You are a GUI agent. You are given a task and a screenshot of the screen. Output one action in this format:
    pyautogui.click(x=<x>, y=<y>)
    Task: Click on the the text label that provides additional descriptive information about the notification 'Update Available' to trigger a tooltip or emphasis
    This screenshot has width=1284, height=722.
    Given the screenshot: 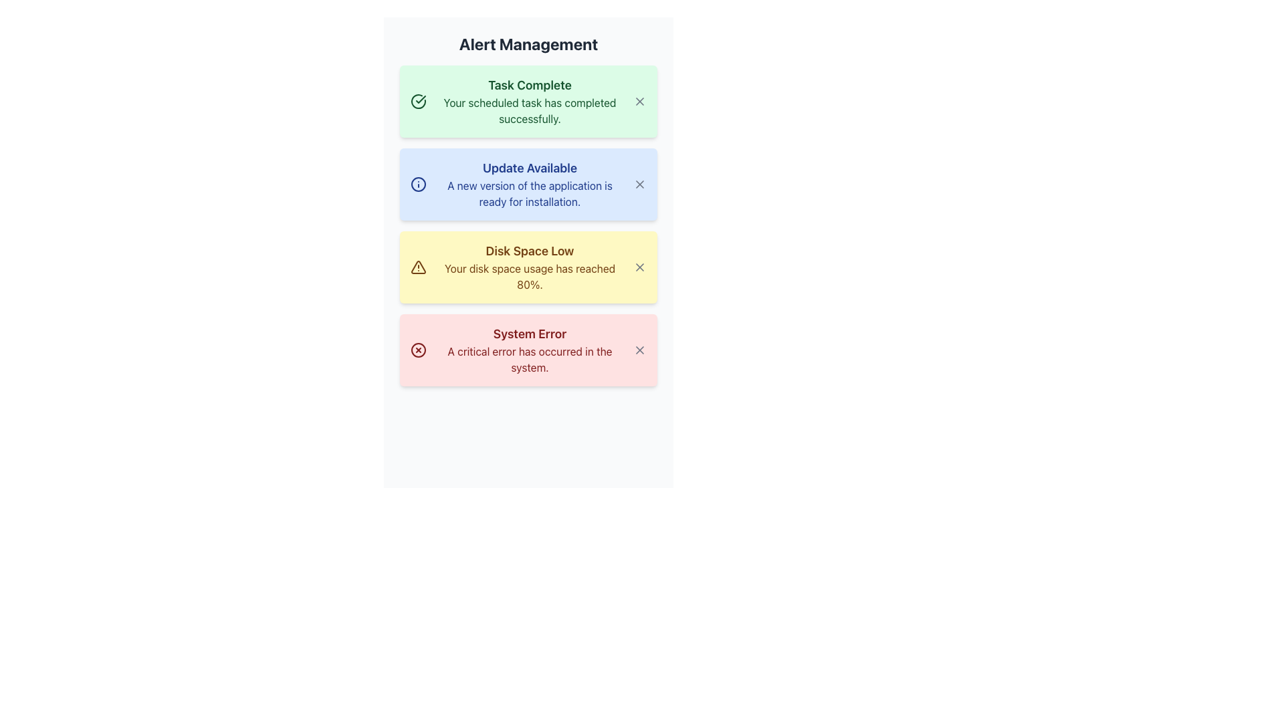 What is the action you would take?
    pyautogui.click(x=529, y=193)
    